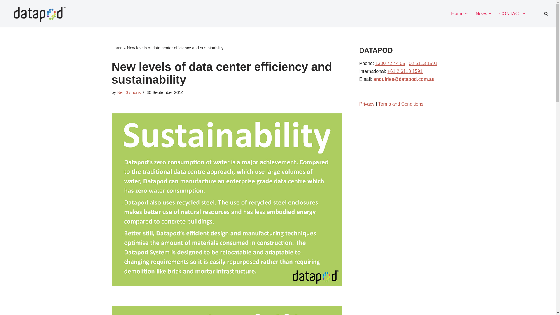 The width and height of the screenshot is (560, 315). Describe the element at coordinates (405, 71) in the screenshot. I see `'+61 2 6113 1591'` at that location.